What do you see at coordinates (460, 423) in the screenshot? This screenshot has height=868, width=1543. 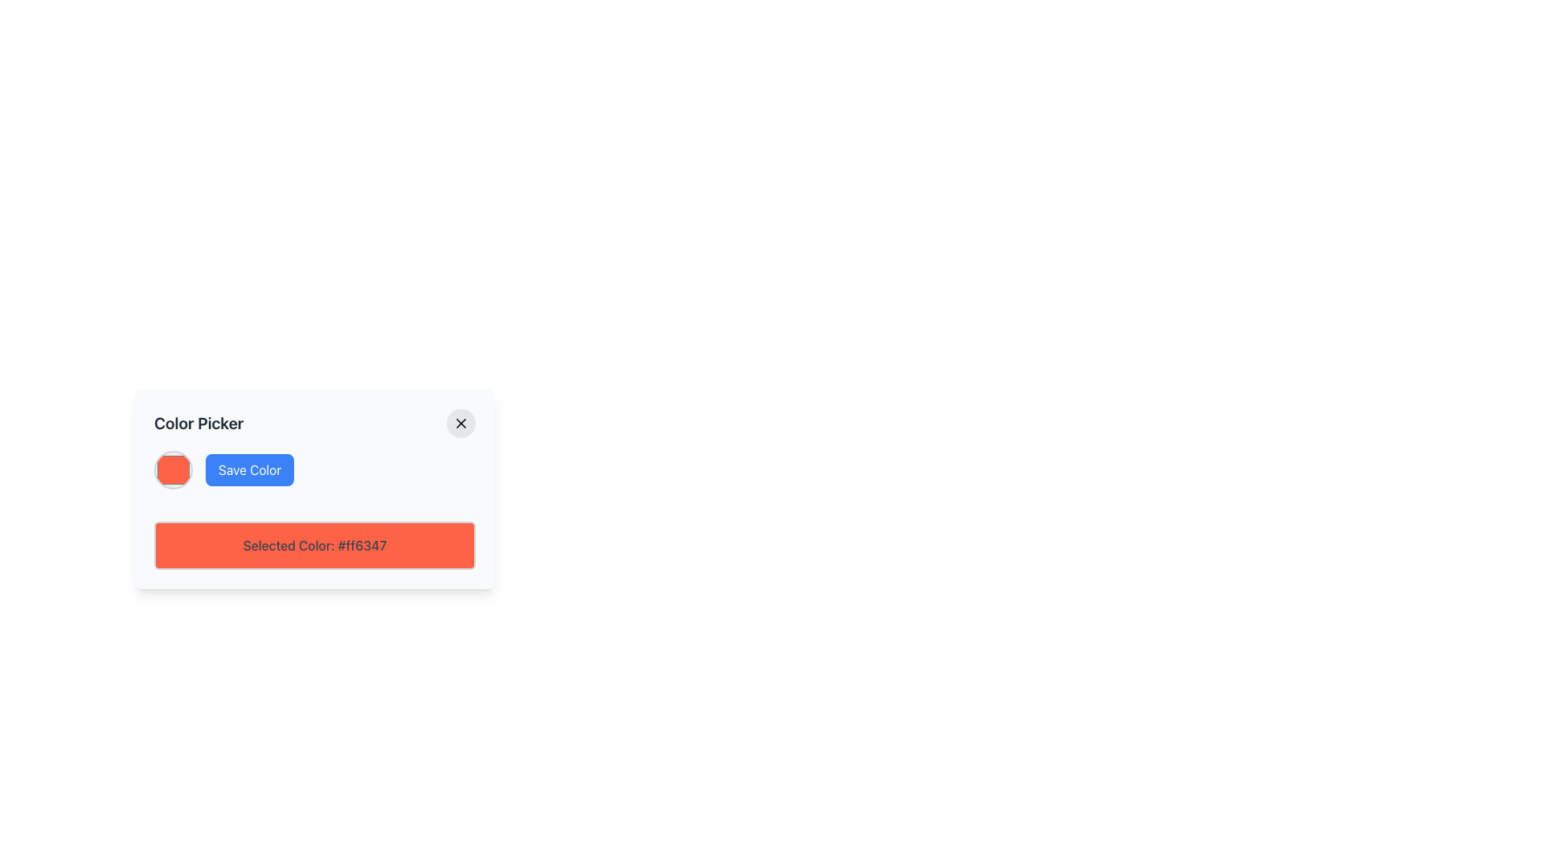 I see `the SVG-based close (X) symbol located at the top-right corner of the color picker interface, which allows users to dismiss the UI` at bounding box center [460, 423].